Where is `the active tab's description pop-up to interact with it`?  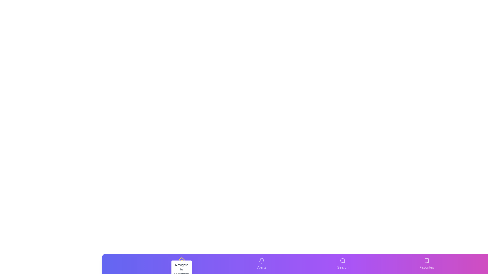
the active tab's description pop-up to interact with it is located at coordinates (181, 269).